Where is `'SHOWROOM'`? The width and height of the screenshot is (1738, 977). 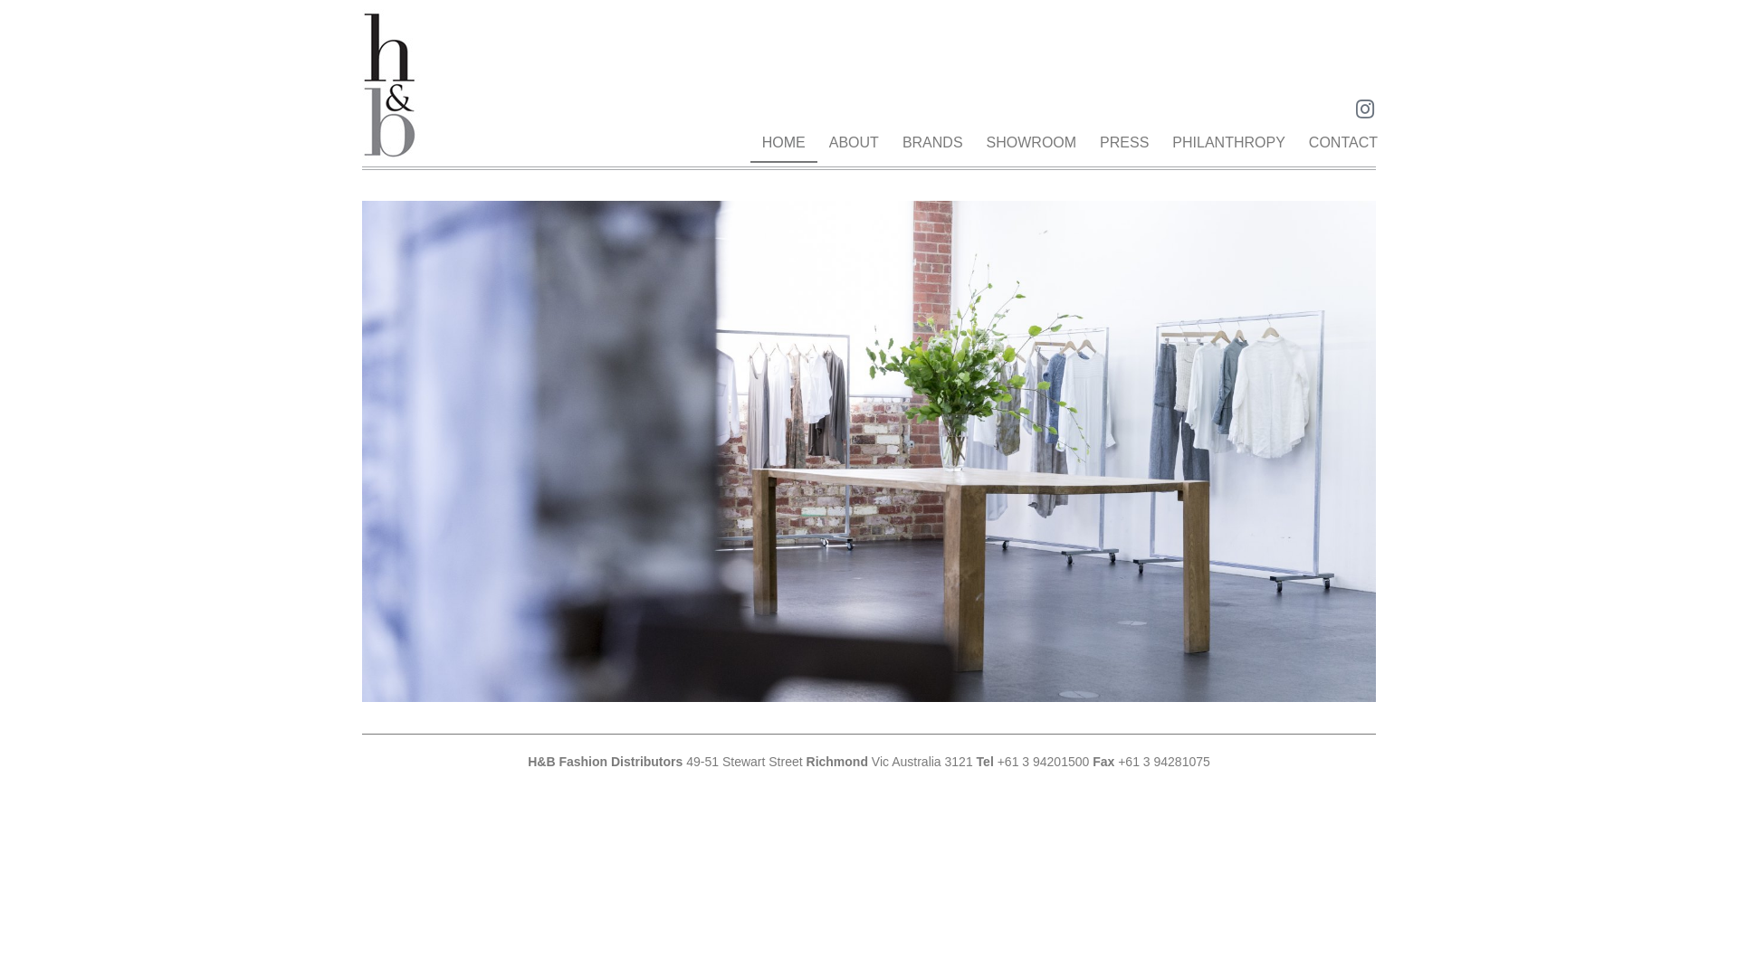
'SHOWROOM' is located at coordinates (1032, 142).